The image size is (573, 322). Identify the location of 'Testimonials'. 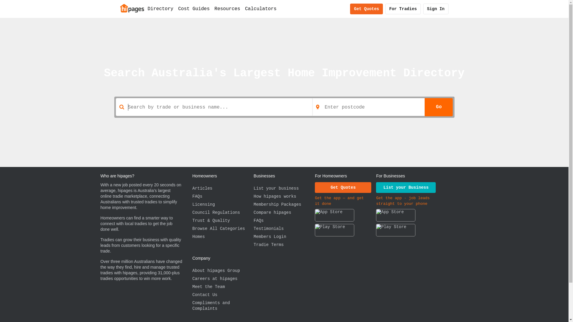
(284, 228).